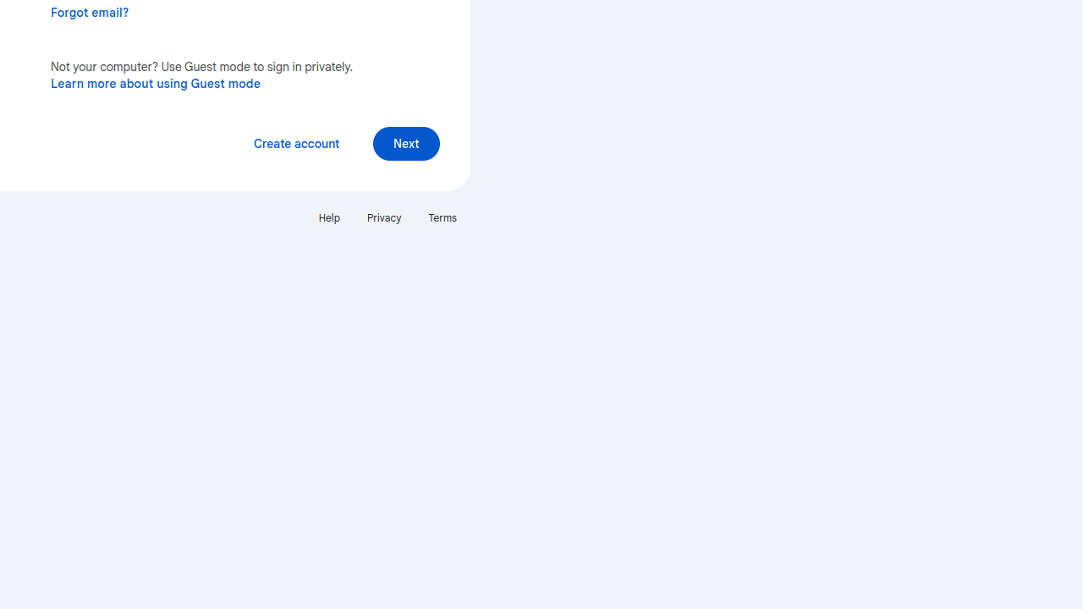 The height and width of the screenshot is (609, 1083). I want to click on 'Forgot email?', so click(89, 12).